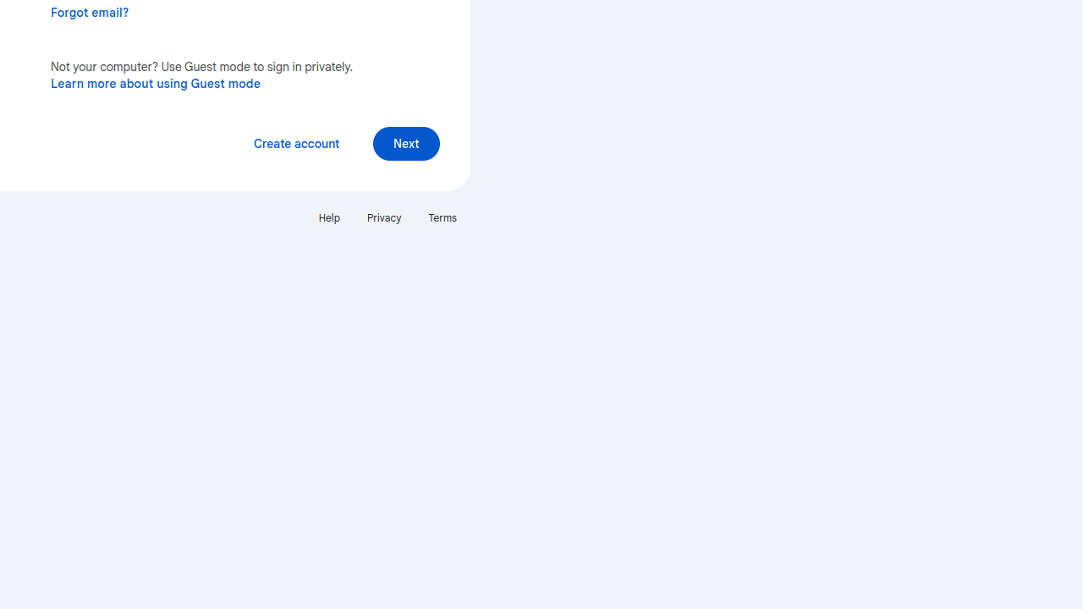 The height and width of the screenshot is (609, 1083). I want to click on 'Forgot email?', so click(89, 12).